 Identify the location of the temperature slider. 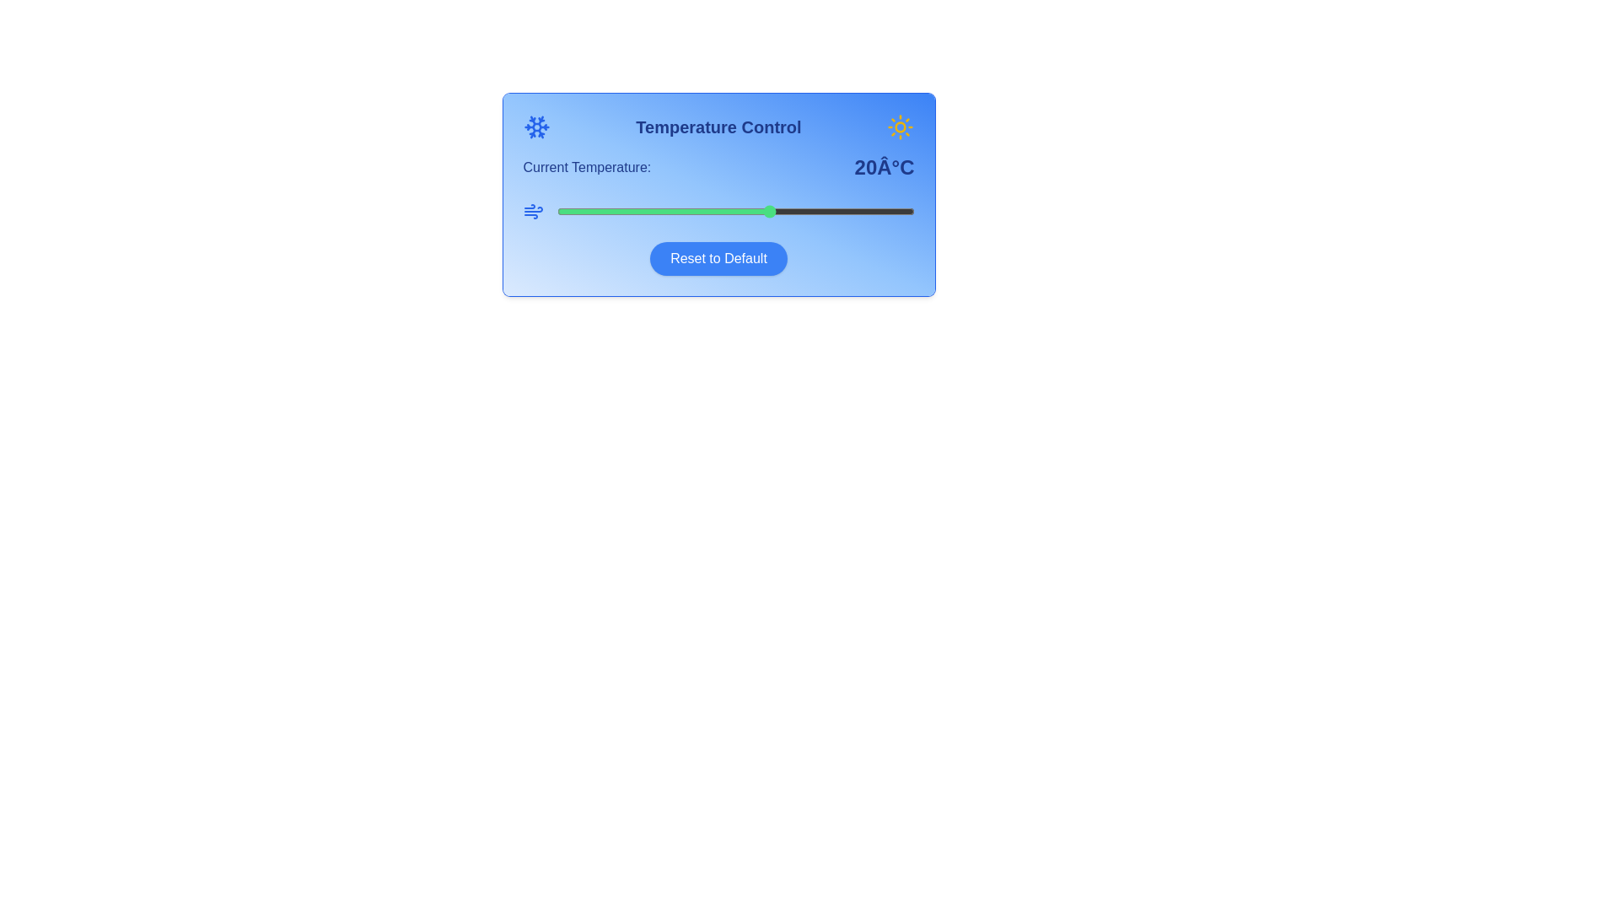
(663, 210).